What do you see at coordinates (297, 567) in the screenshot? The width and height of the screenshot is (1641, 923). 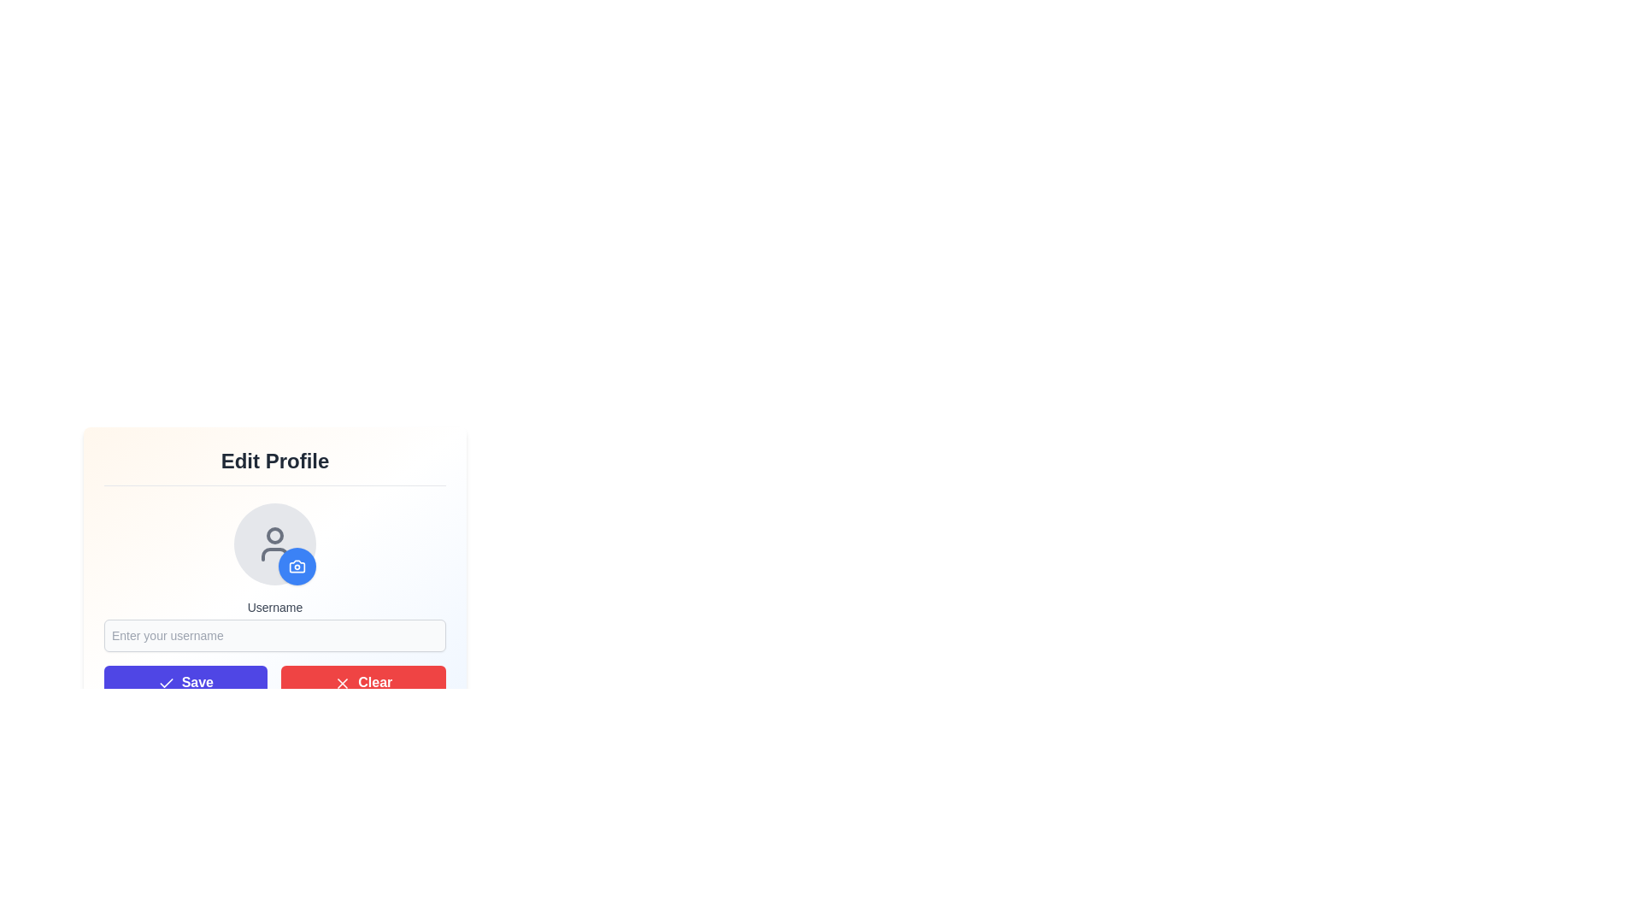 I see `the circular blue button with a white camera icon located at the bottom-right of the profile picture placeholder in the Edit Profile section` at bounding box center [297, 567].